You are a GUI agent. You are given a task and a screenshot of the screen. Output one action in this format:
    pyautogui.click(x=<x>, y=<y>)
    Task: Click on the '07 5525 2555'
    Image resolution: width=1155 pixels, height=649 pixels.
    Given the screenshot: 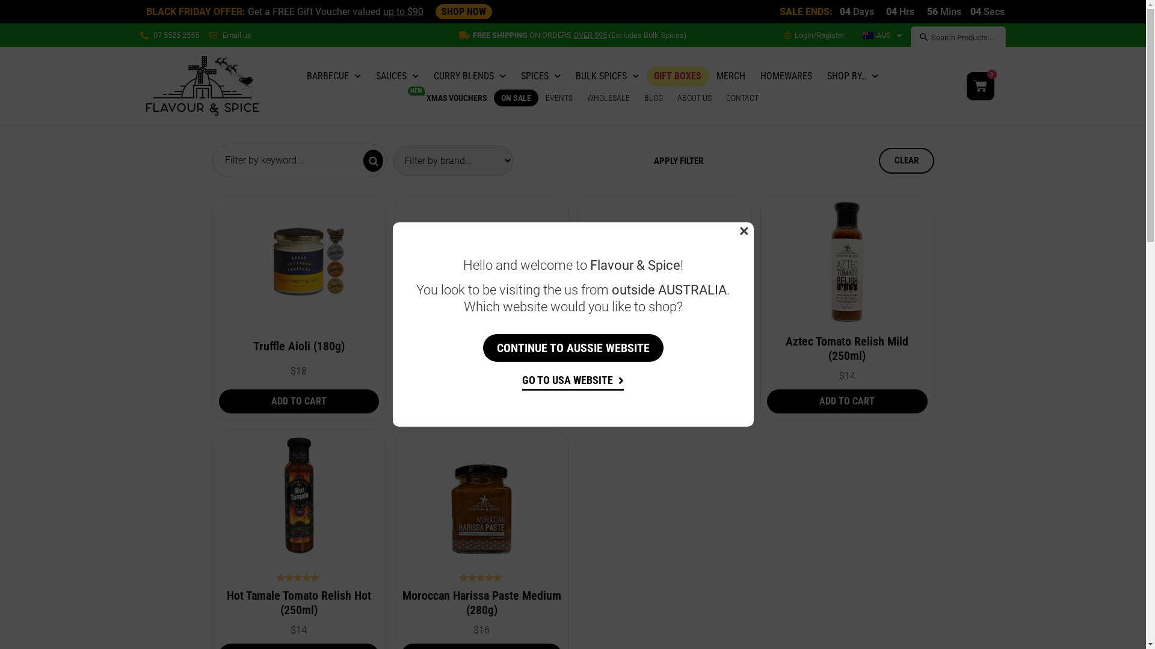 What is the action you would take?
    pyautogui.click(x=168, y=34)
    